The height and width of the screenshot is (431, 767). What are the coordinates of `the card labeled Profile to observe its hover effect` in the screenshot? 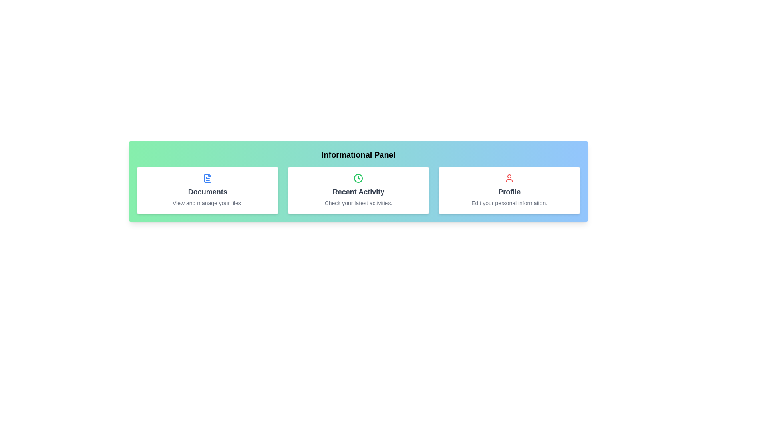 It's located at (509, 190).